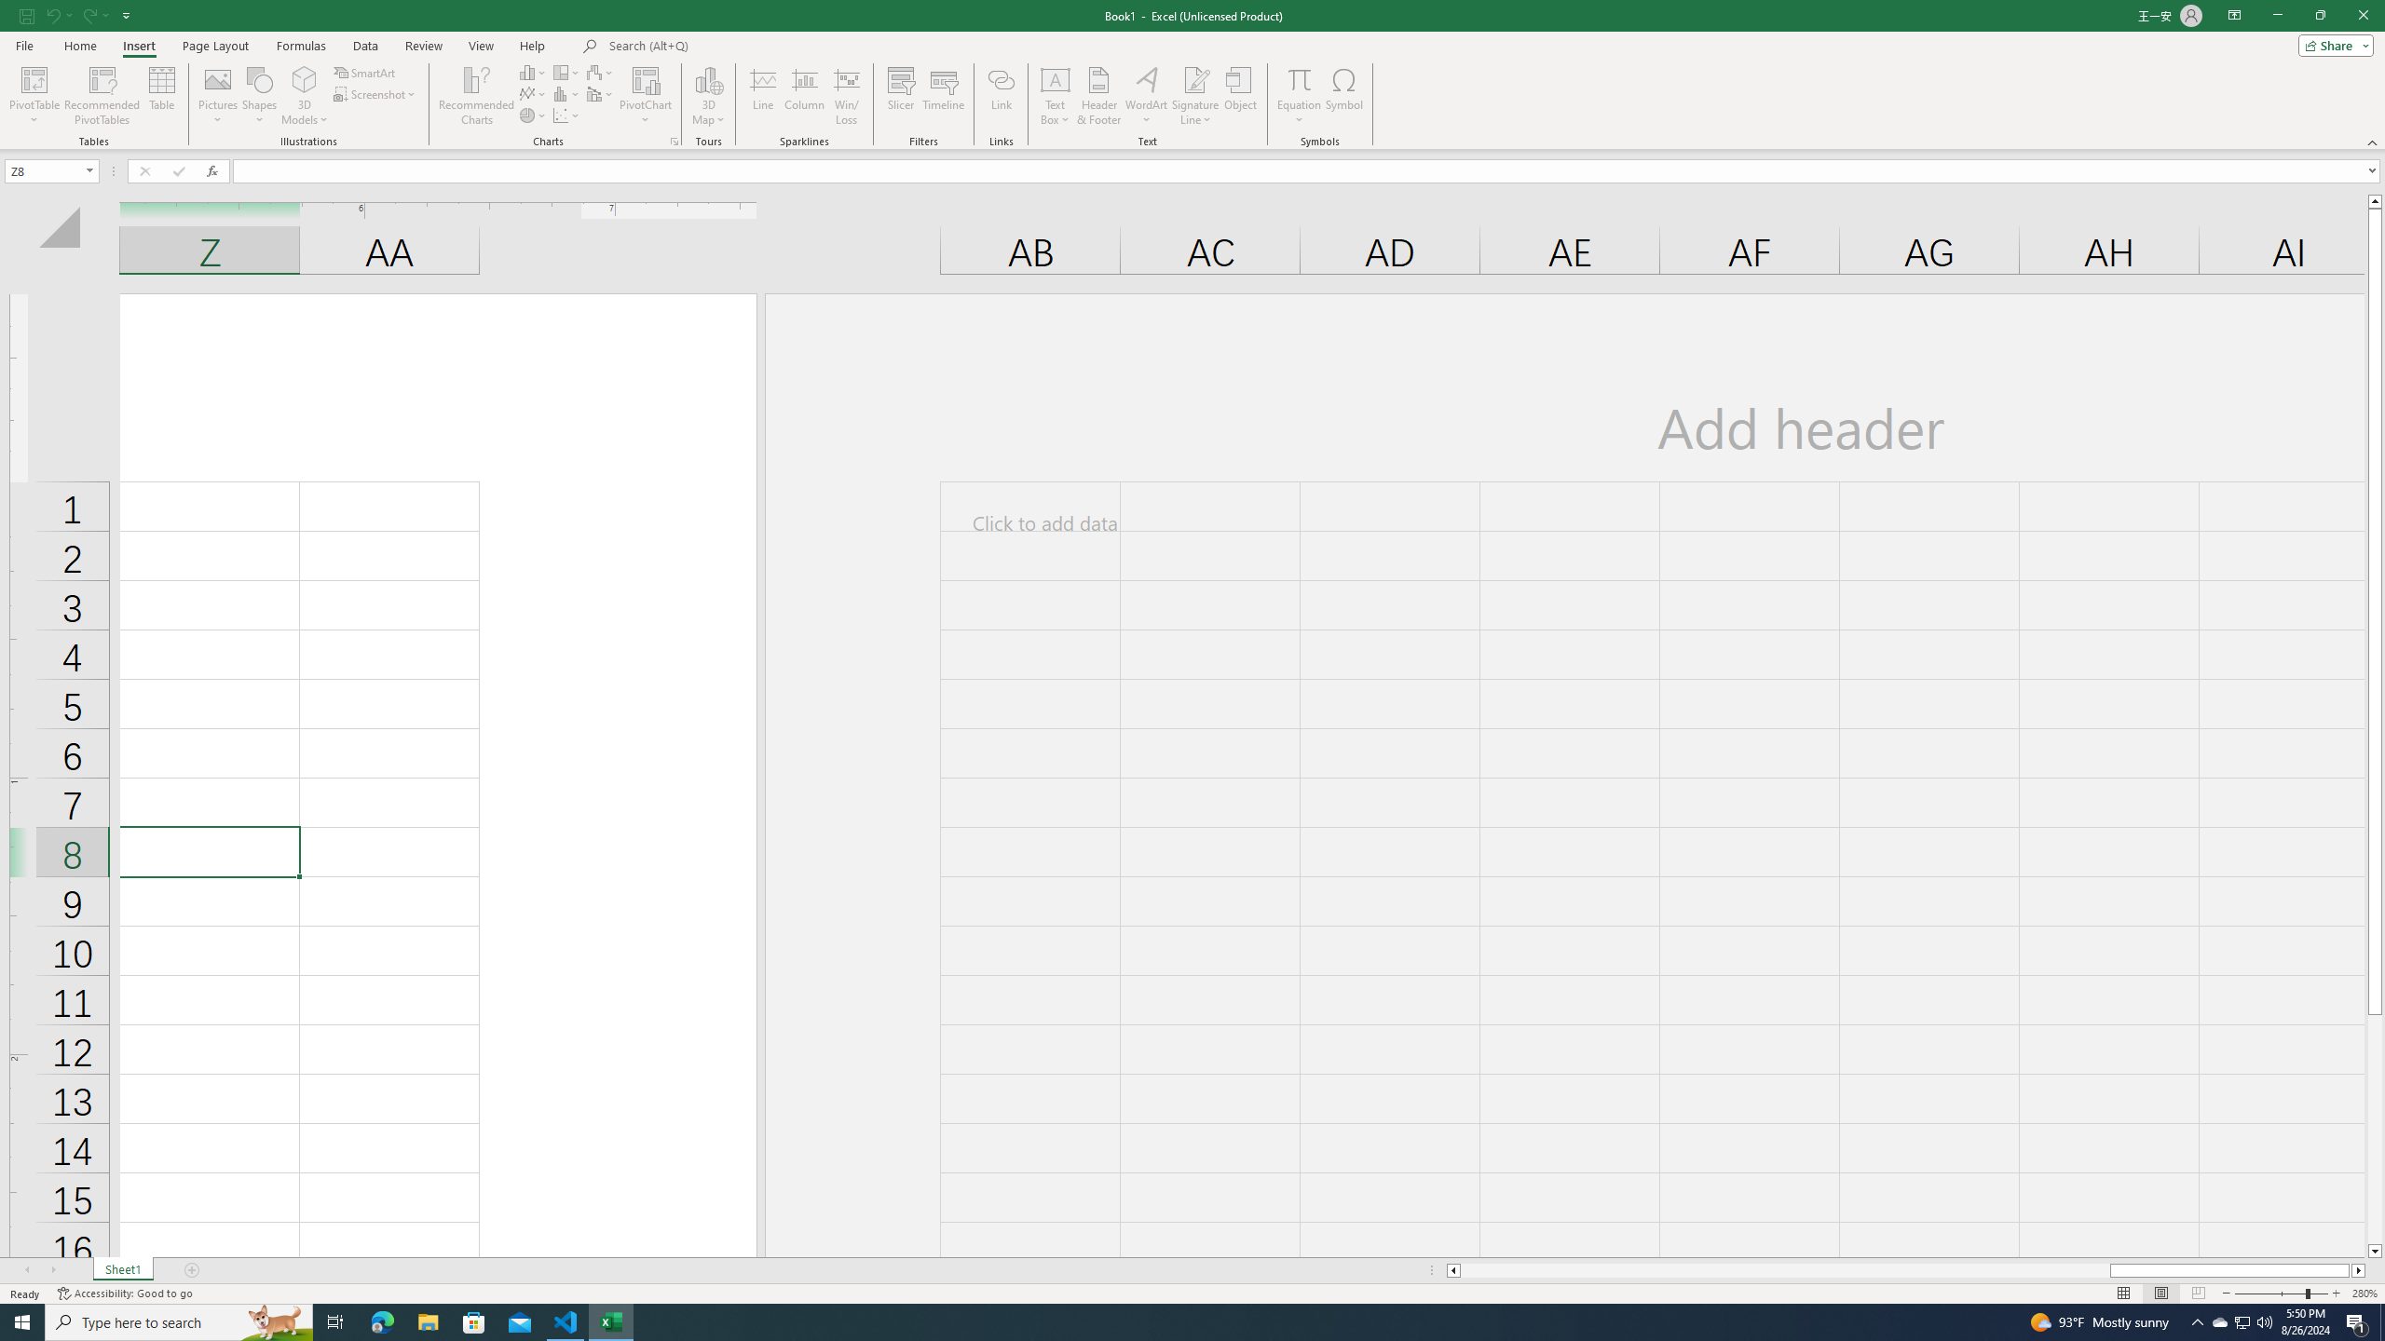  Describe the element at coordinates (102, 96) in the screenshot. I see `'Recommended PivotTables'` at that location.